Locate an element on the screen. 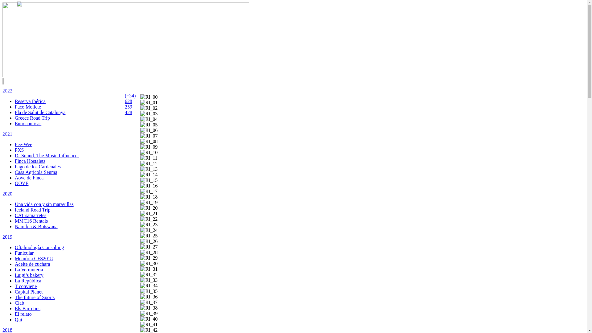 The height and width of the screenshot is (333, 592). 'Pago de los Cardenales' is located at coordinates (37, 166).